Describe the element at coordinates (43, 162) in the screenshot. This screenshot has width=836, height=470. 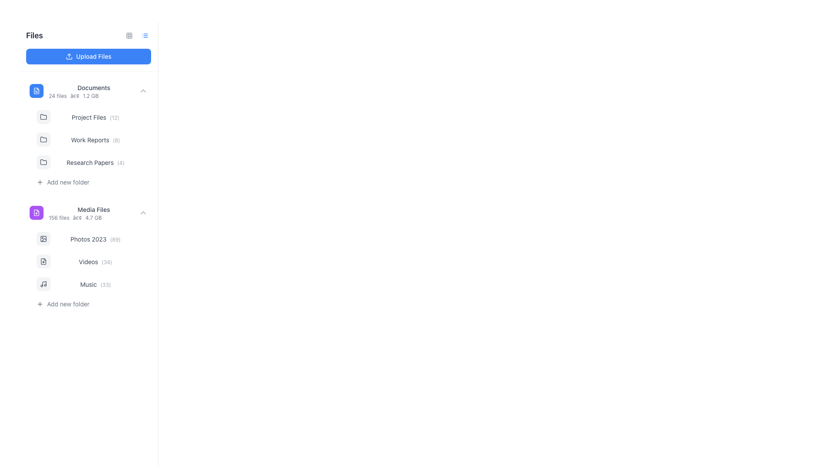
I see `the folder icon representing 'Research Papers' located in the left-side panel, which is the first element in the 'Research Papers (4)' row` at that location.